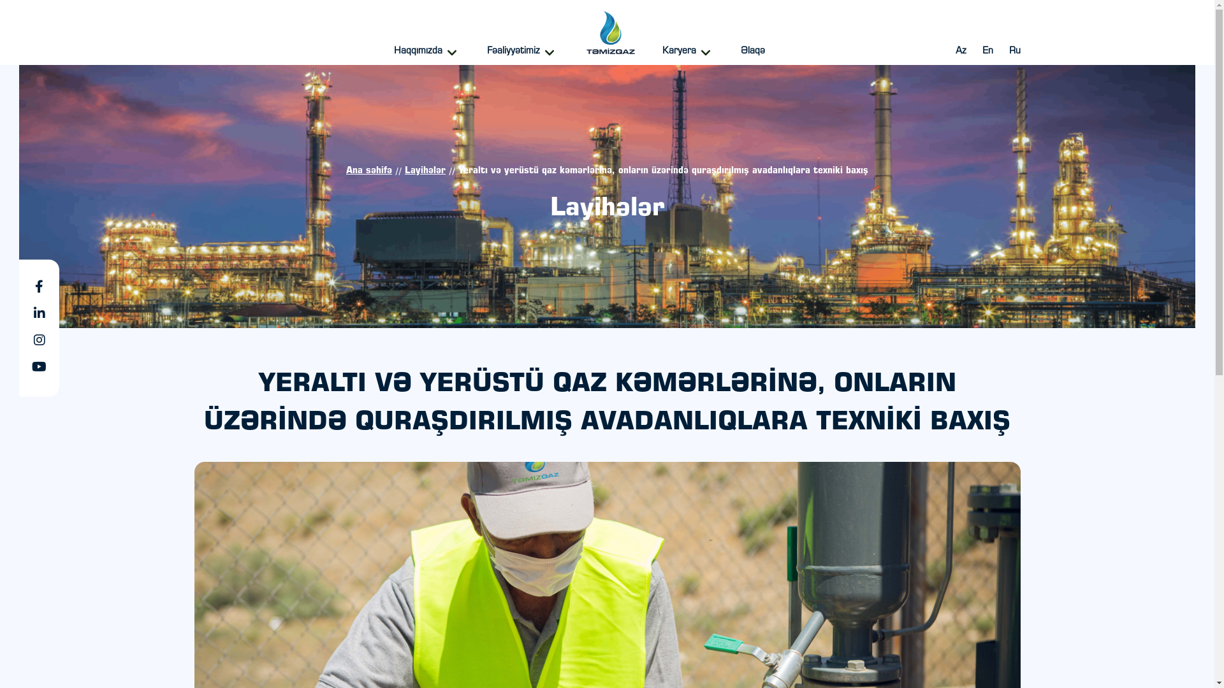 The width and height of the screenshot is (1224, 688). Describe the element at coordinates (688, 51) in the screenshot. I see `'Karyera'` at that location.